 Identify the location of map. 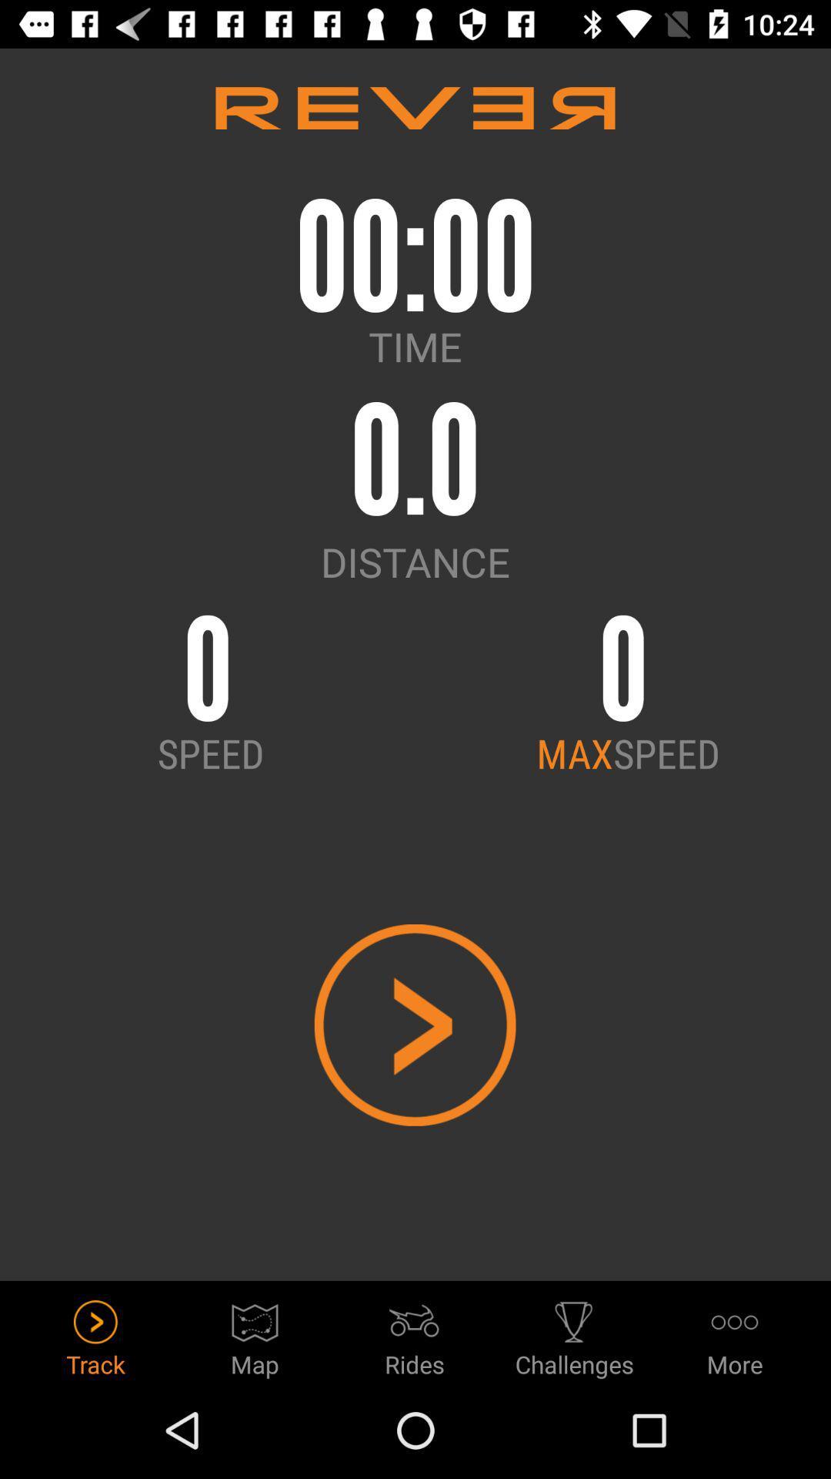
(254, 1333).